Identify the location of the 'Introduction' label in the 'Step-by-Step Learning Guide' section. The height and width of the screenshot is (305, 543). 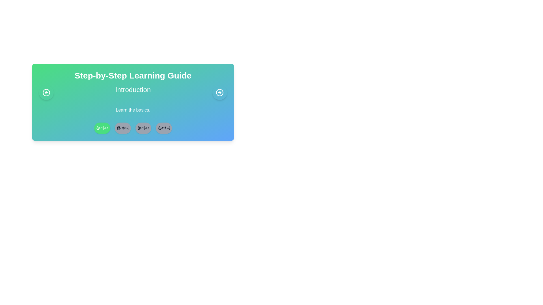
(133, 92).